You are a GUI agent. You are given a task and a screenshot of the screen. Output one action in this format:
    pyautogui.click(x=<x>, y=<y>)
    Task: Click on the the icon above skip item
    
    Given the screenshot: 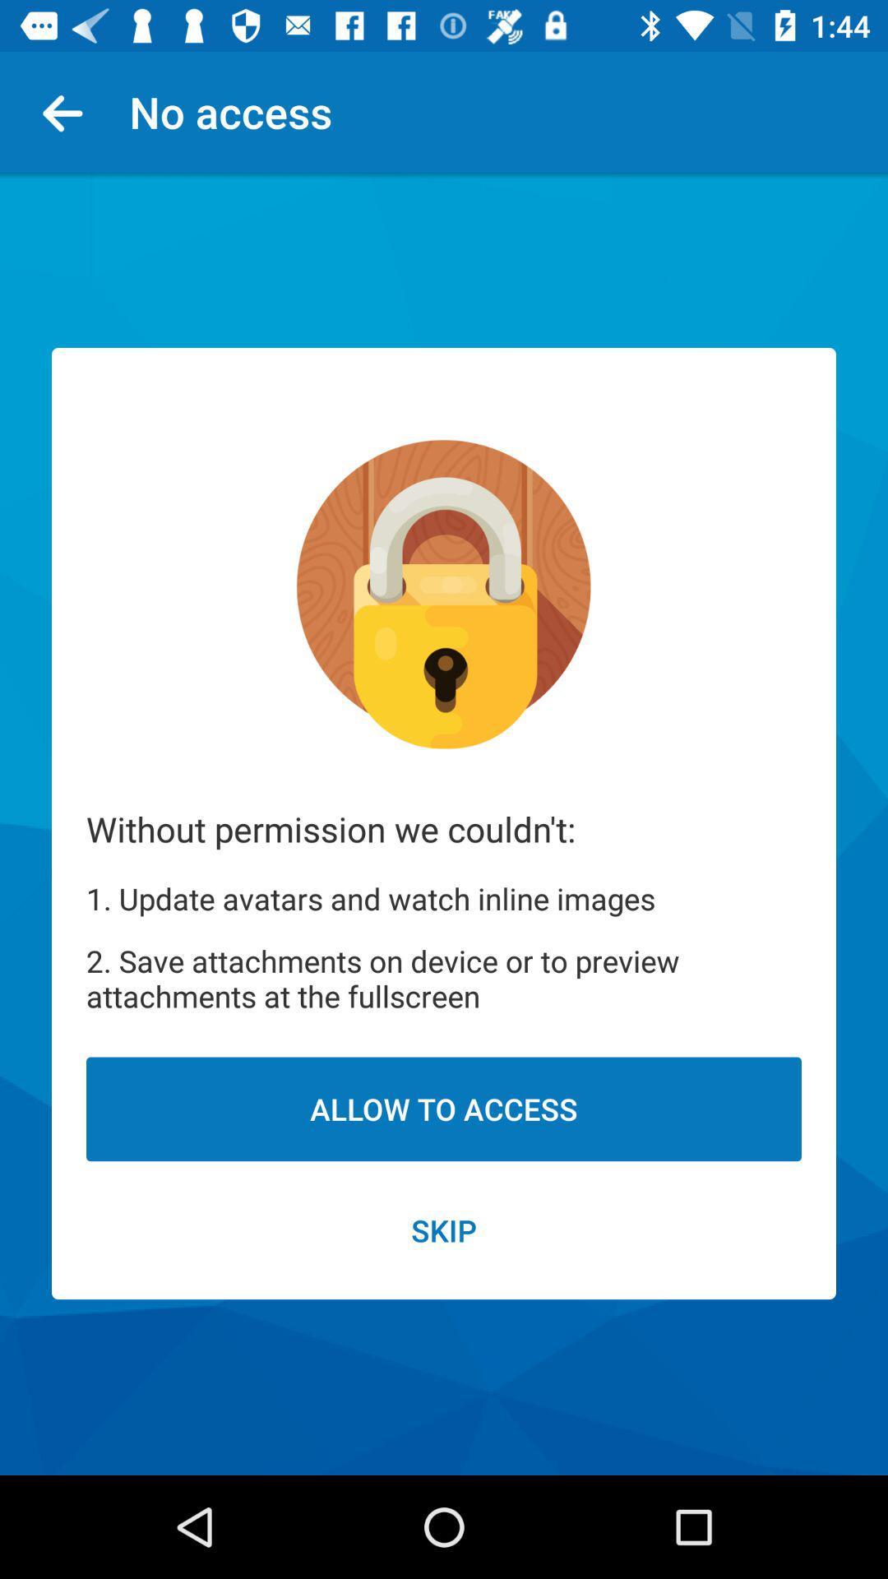 What is the action you would take?
    pyautogui.click(x=444, y=1109)
    